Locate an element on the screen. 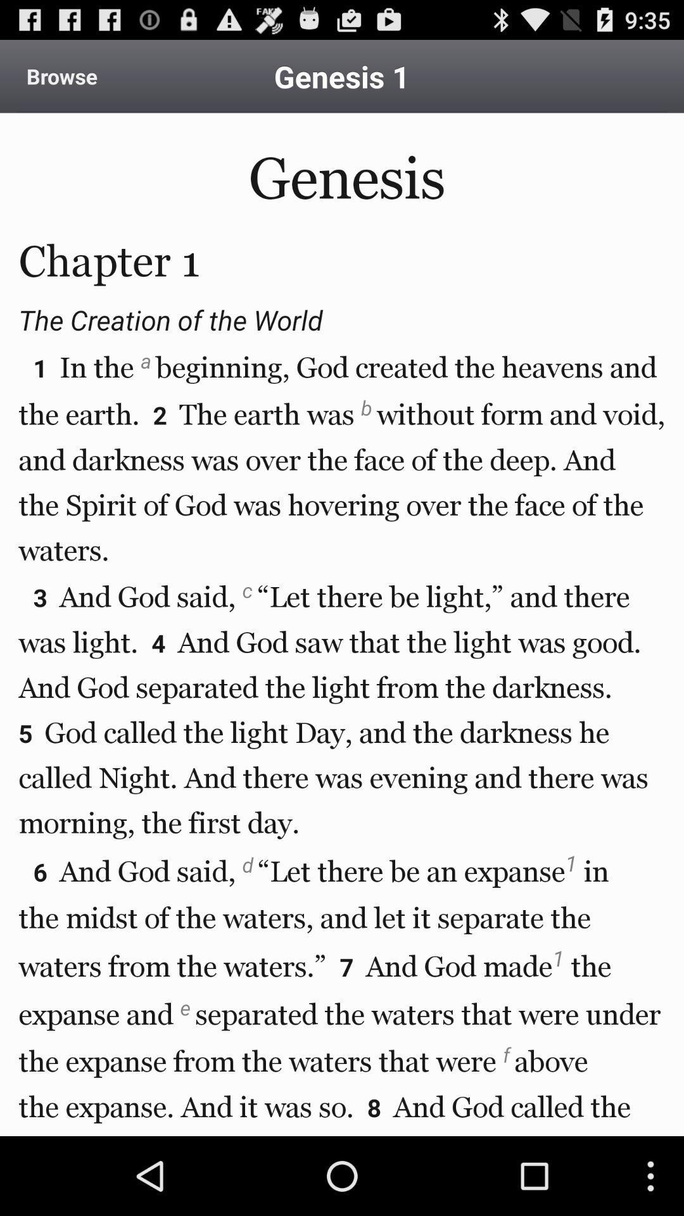 The height and width of the screenshot is (1216, 684). icon to the left of the genesis 1 icon is located at coordinates (61, 75).